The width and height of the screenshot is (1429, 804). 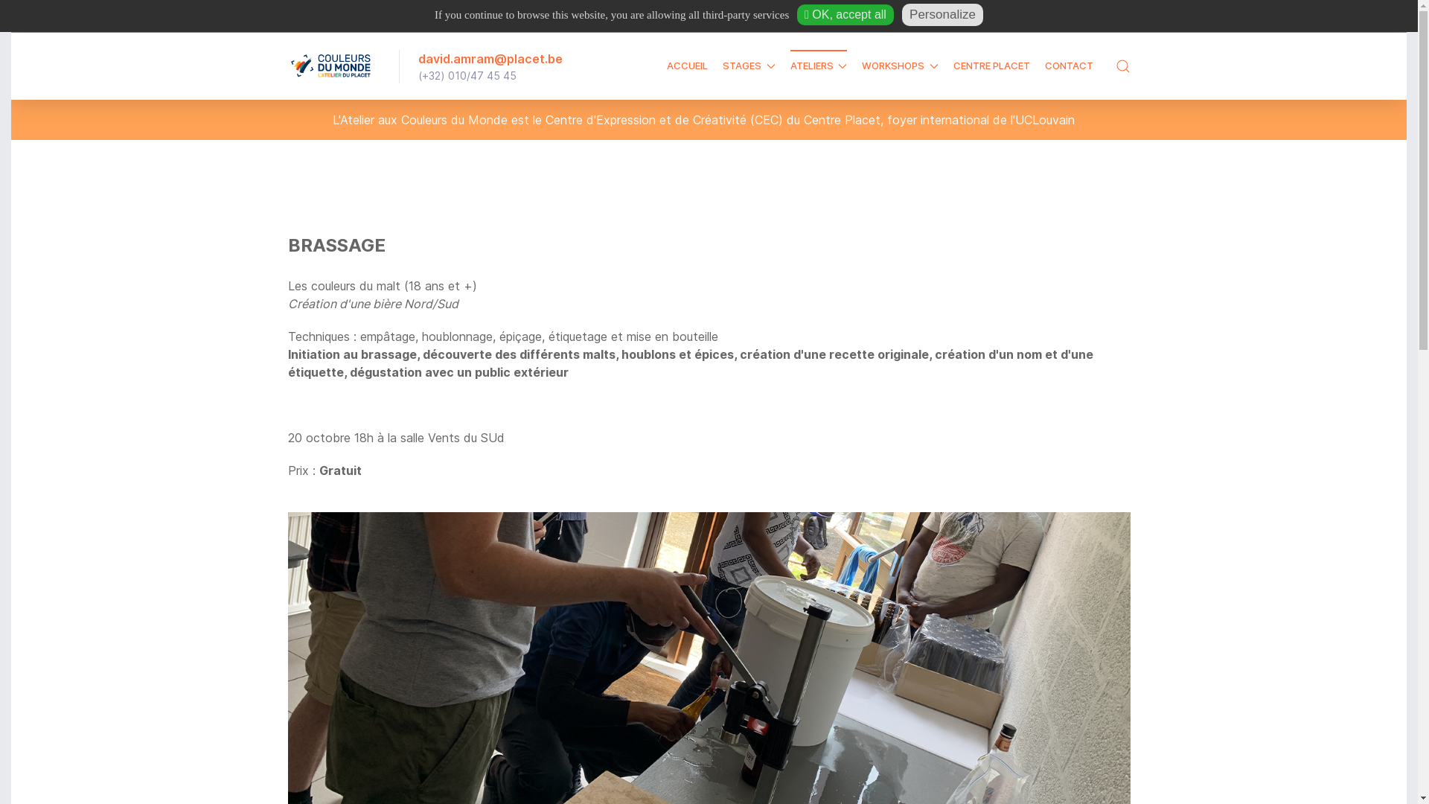 I want to click on 'Personalize', so click(x=942, y=14).